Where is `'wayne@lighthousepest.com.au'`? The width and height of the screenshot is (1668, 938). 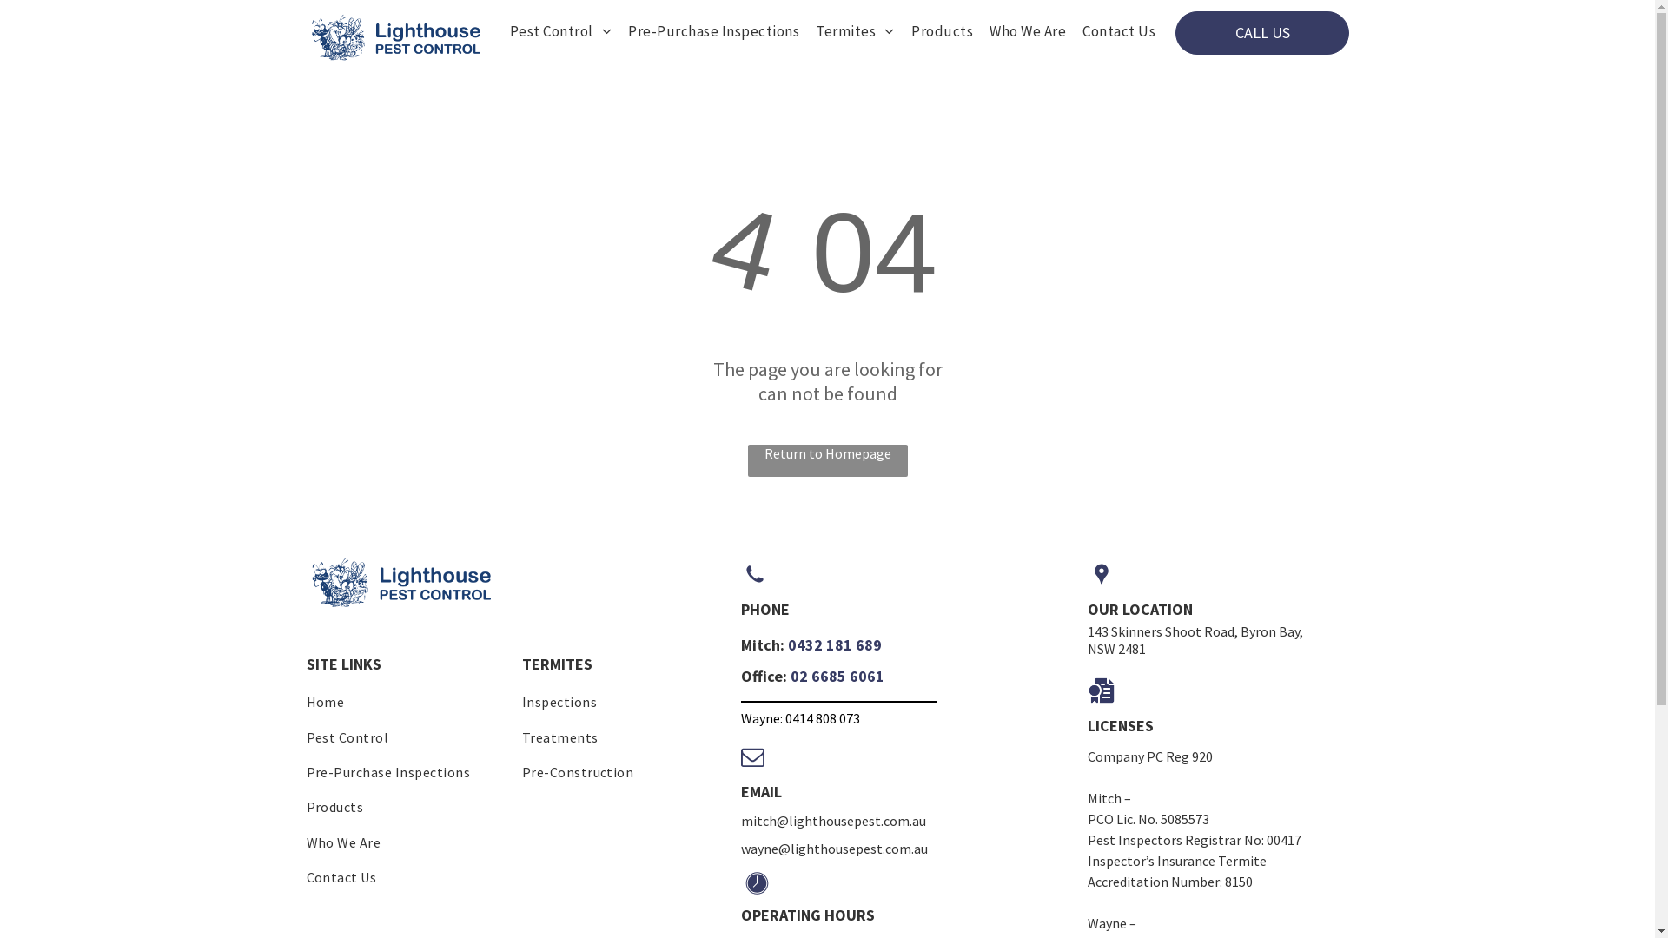
'wayne@lighthousepest.com.au' is located at coordinates (832, 847).